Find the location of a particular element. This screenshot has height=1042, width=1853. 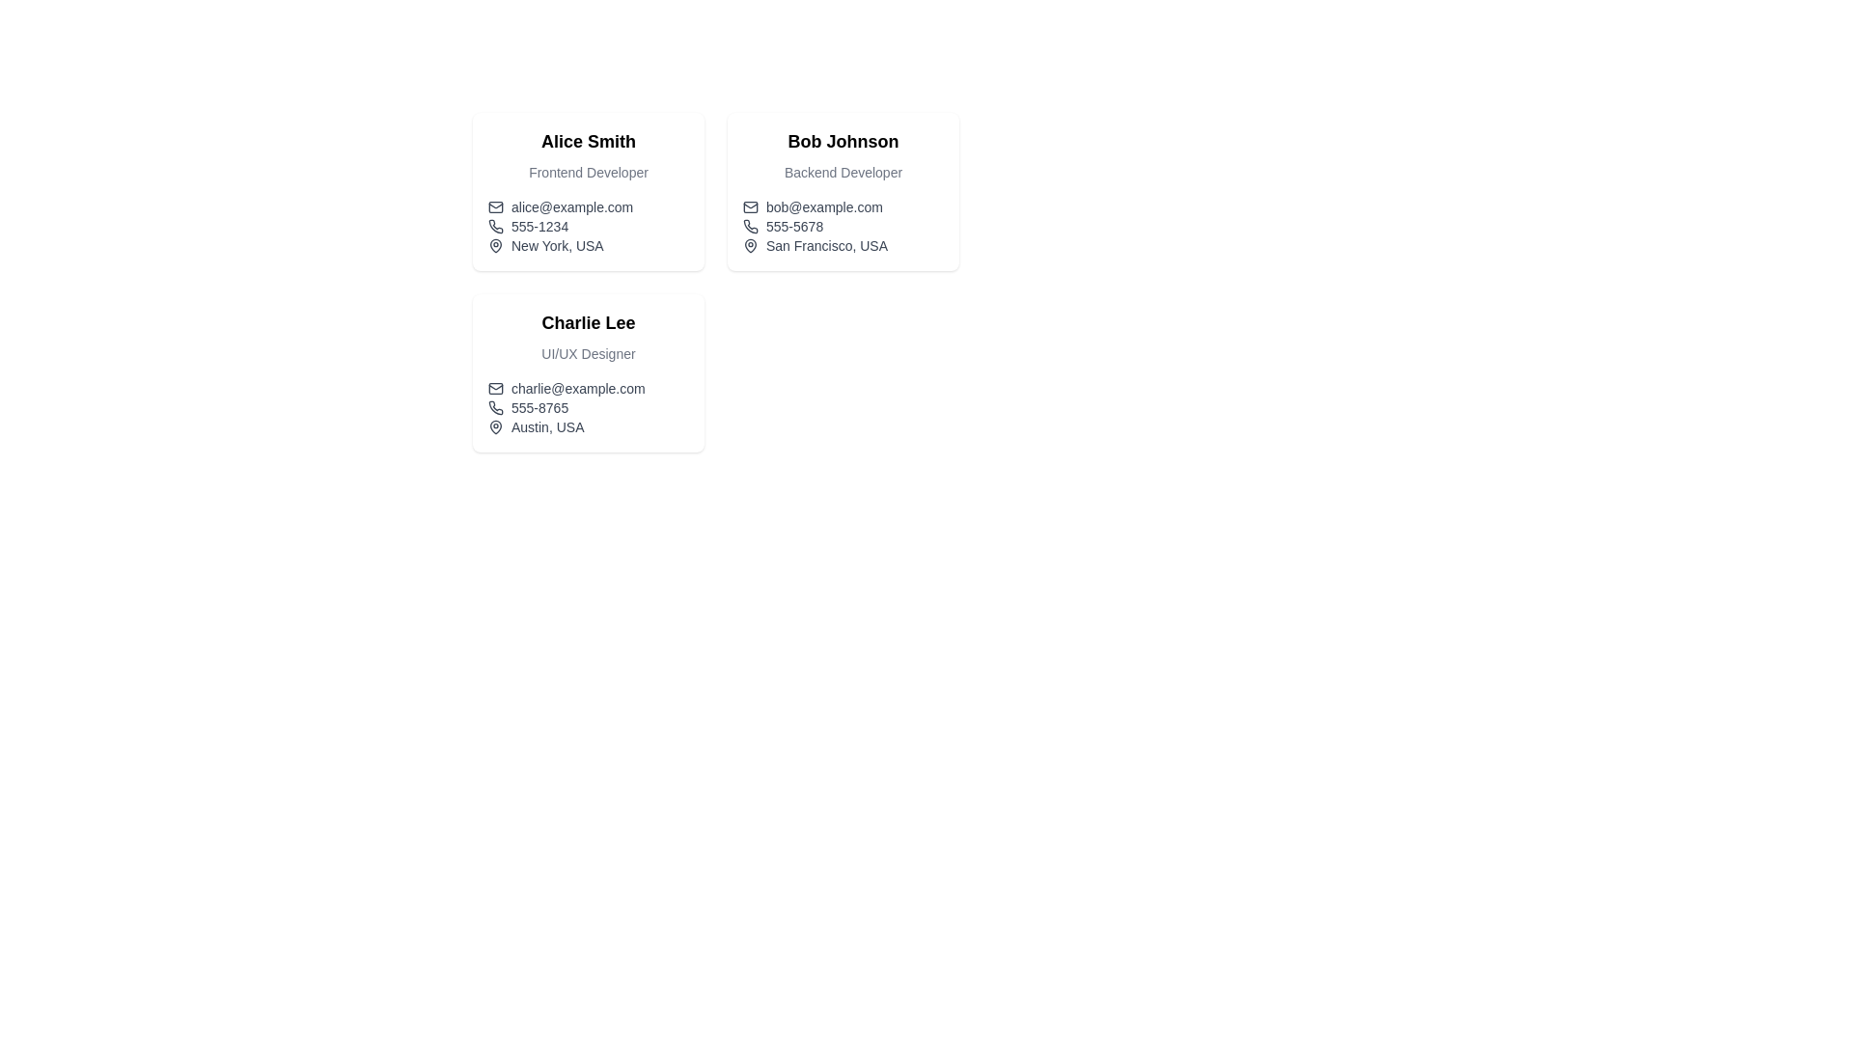

the phone number icon in the contact card for 'Alice Smith', which is the second icon below the email address icon, visually representing the phone number field is located at coordinates (495, 226).